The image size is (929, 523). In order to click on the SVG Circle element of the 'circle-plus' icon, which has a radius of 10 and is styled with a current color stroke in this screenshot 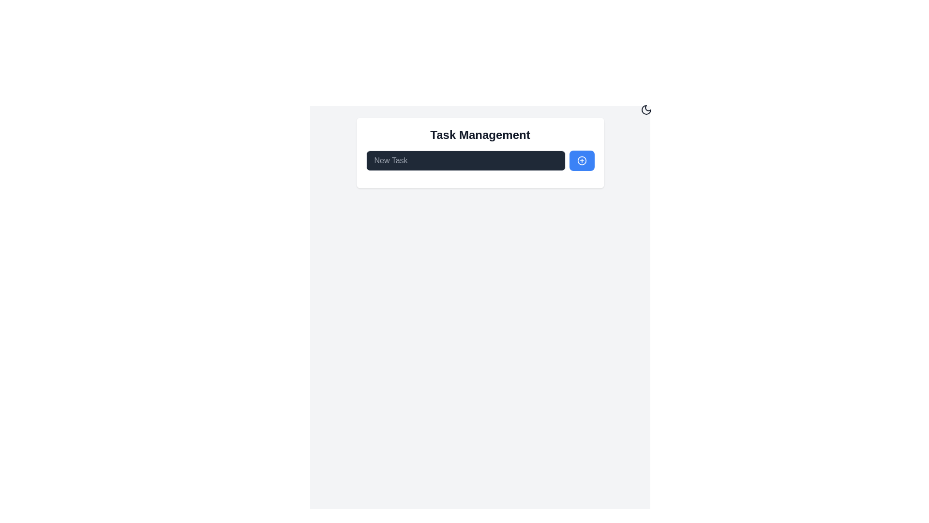, I will do `click(581, 160)`.